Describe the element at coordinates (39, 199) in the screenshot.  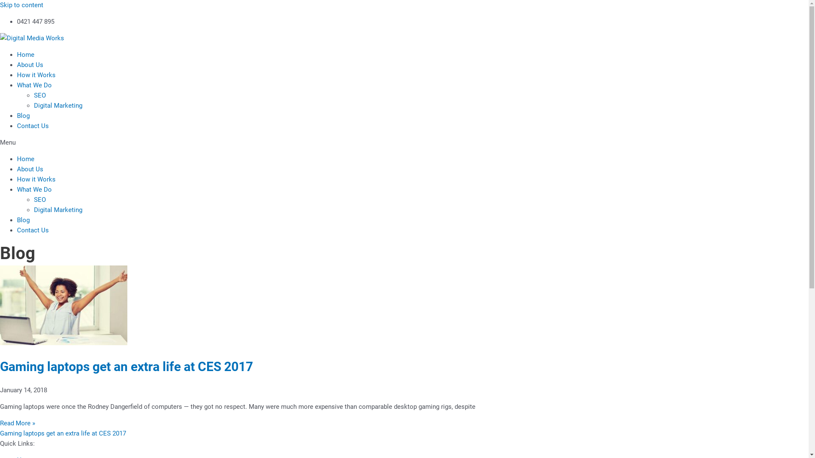
I see `'SEO'` at that location.